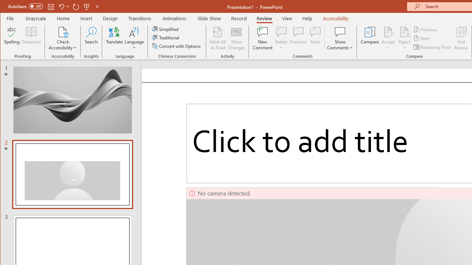 Image resolution: width=472 pixels, height=265 pixels. Describe the element at coordinates (433, 47) in the screenshot. I see `'Reviewing Pane'` at that location.